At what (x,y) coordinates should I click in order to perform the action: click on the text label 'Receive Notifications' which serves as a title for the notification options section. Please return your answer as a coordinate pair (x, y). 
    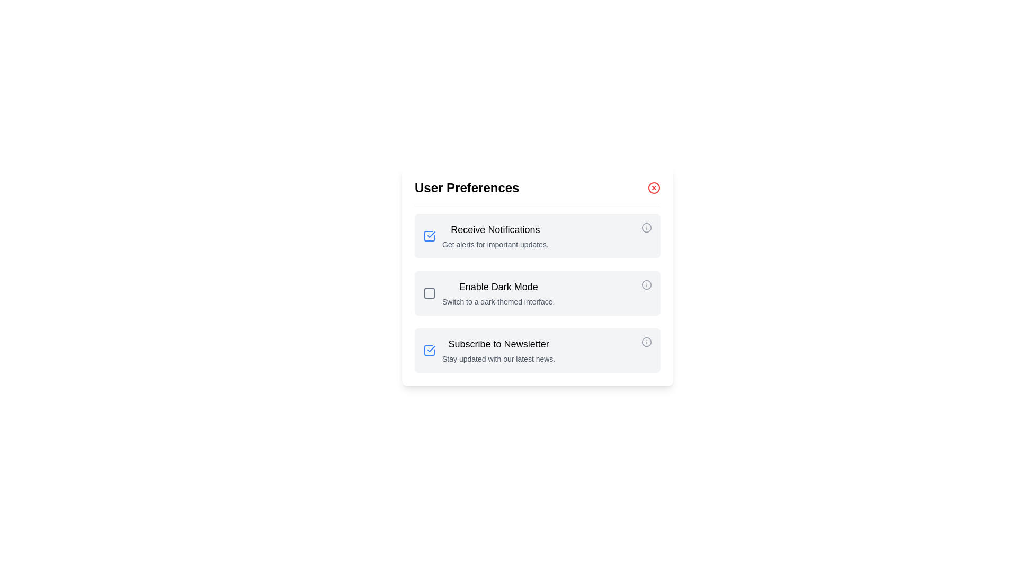
    Looking at the image, I should click on (495, 229).